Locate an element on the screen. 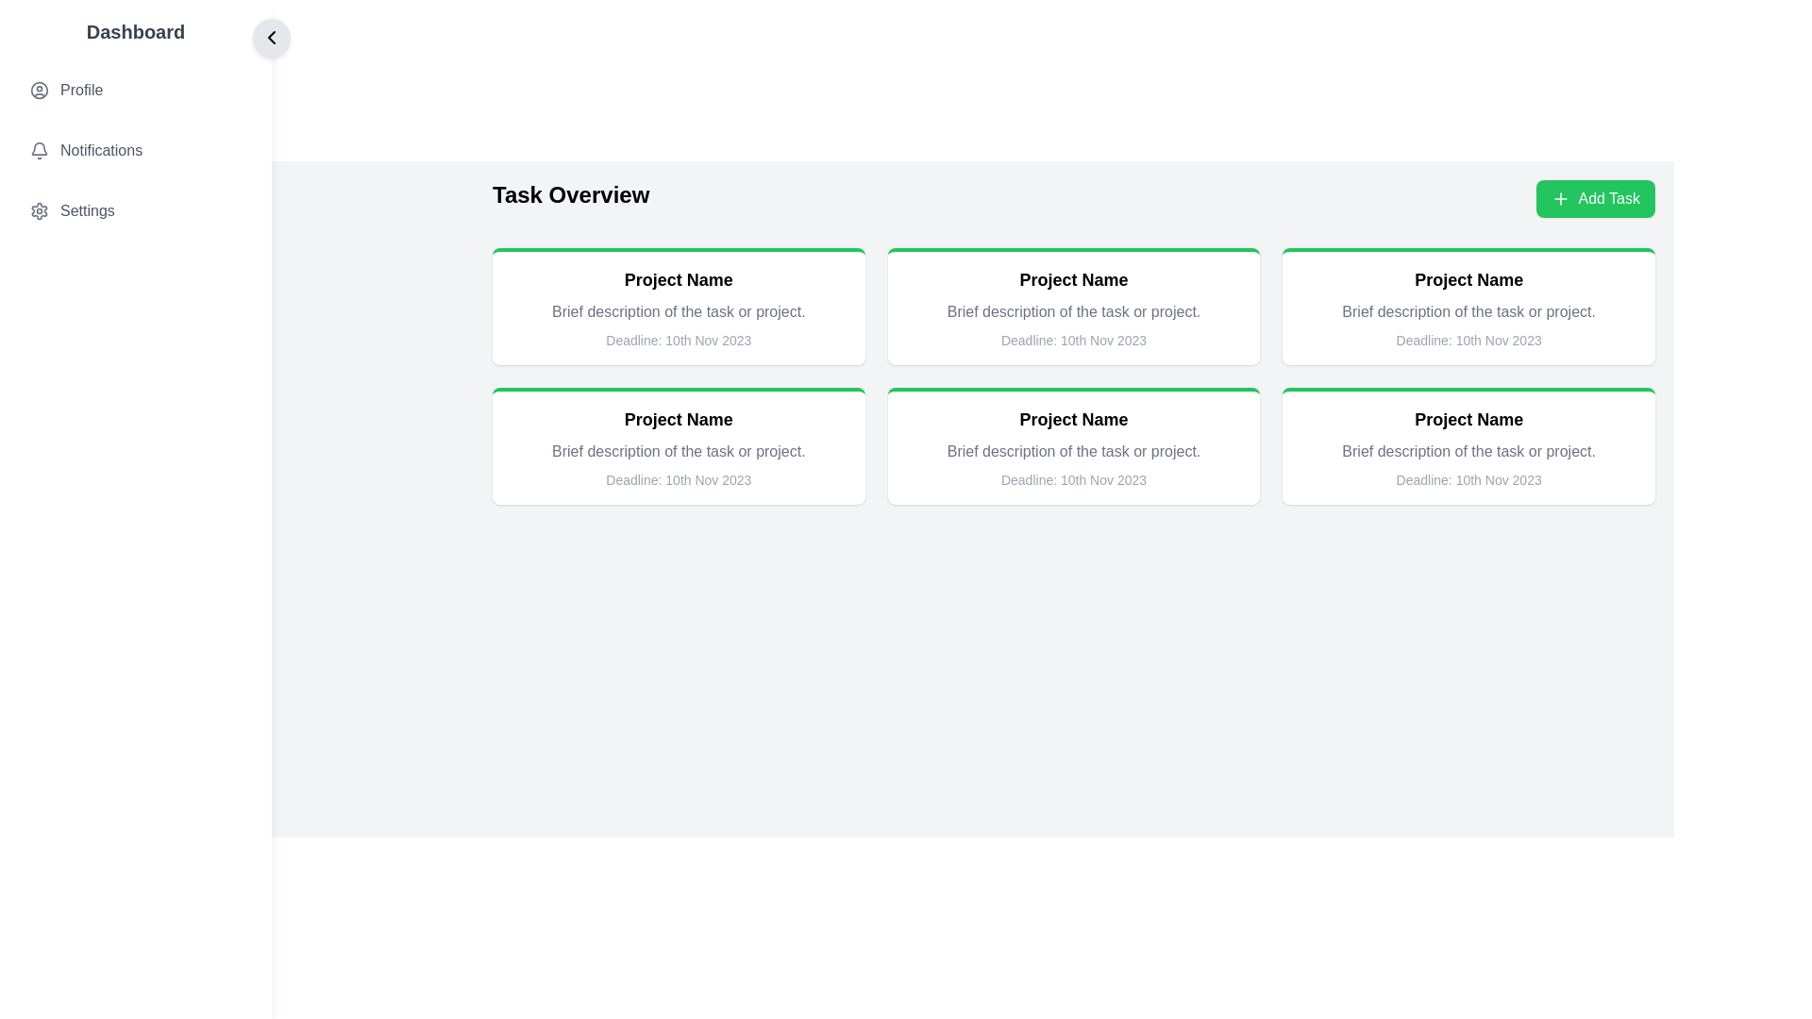  text label that says 'Dashboard' which is styled in bold, extra-large dark gray font, located at the top of the vertical sidebar is located at coordinates (135, 32).